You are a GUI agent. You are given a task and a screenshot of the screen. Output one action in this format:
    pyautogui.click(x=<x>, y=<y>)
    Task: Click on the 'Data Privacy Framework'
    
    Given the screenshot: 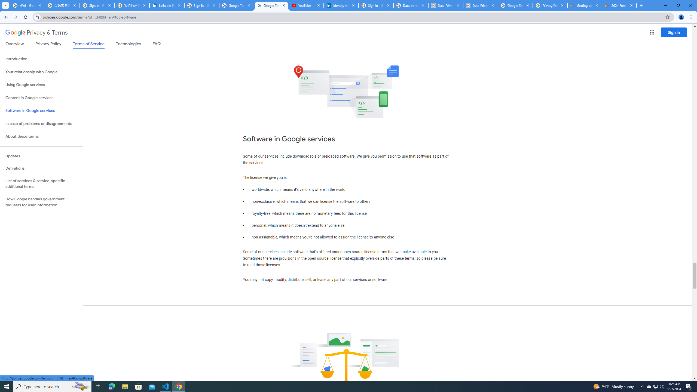 What is the action you would take?
    pyautogui.click(x=445, y=5)
    